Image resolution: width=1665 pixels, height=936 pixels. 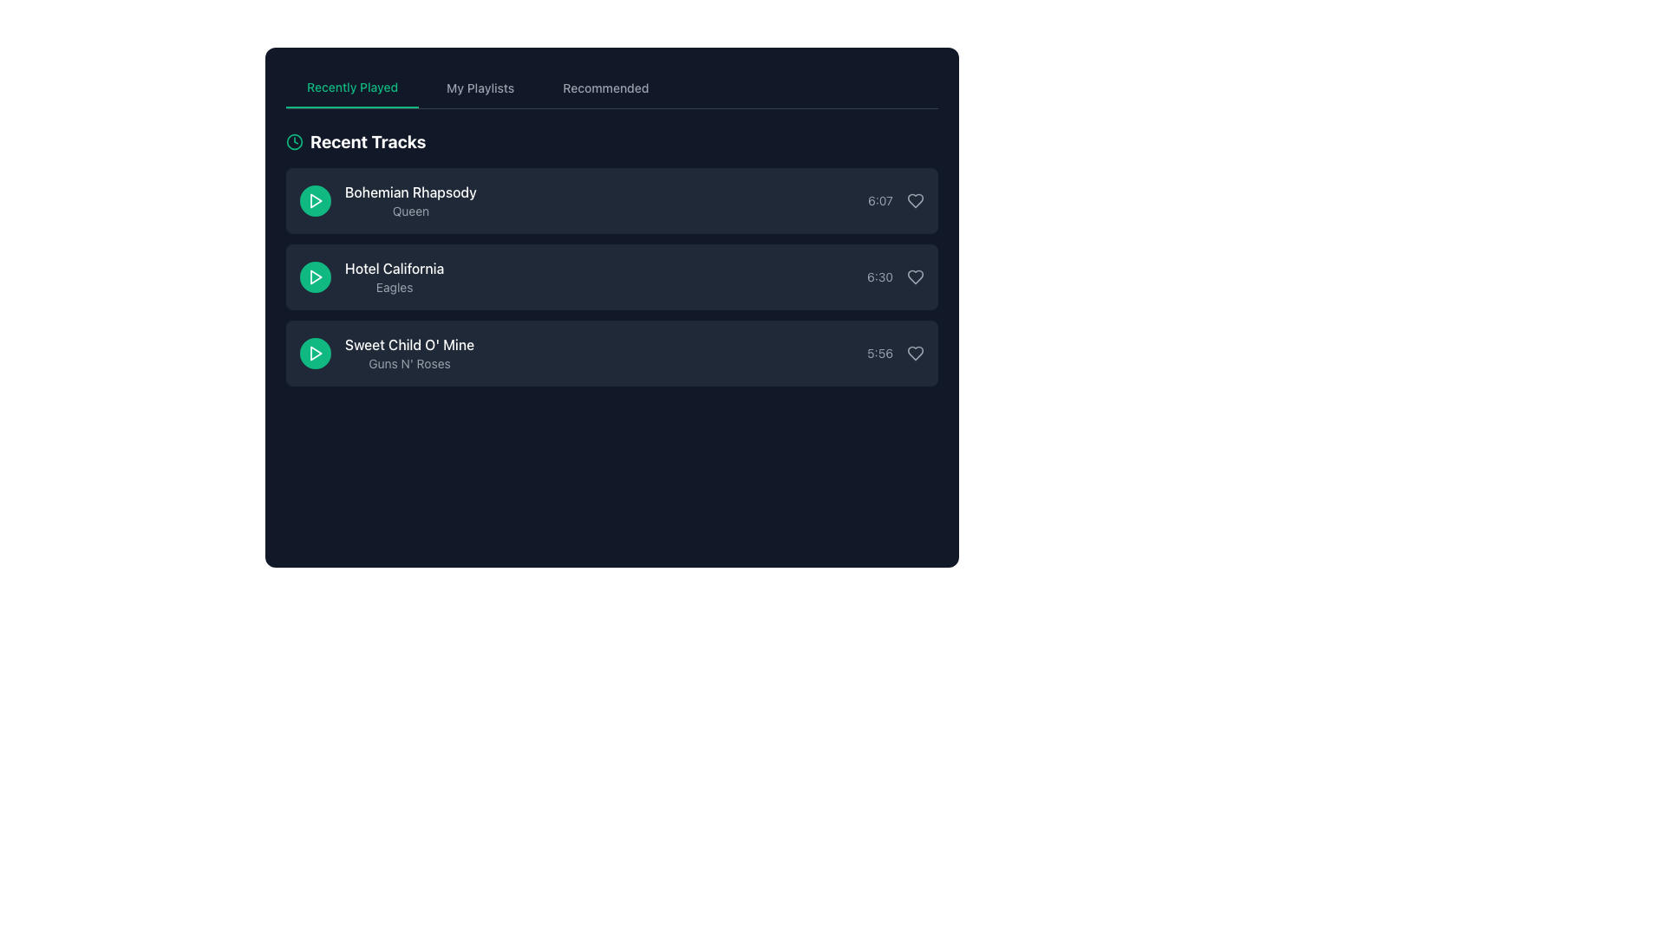 I want to click on the icon indicating the 'Recent Tracks' section, which is positioned on the left side of the title text, so click(x=295, y=141).